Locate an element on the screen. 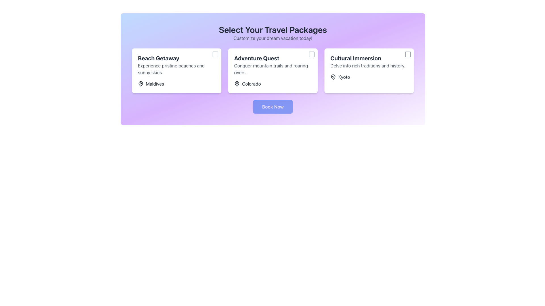 This screenshot has height=306, width=545. the informational text that provides an overview of the travel package titled 'Beach Getaway', located centrally below the title within its card is located at coordinates (176, 69).